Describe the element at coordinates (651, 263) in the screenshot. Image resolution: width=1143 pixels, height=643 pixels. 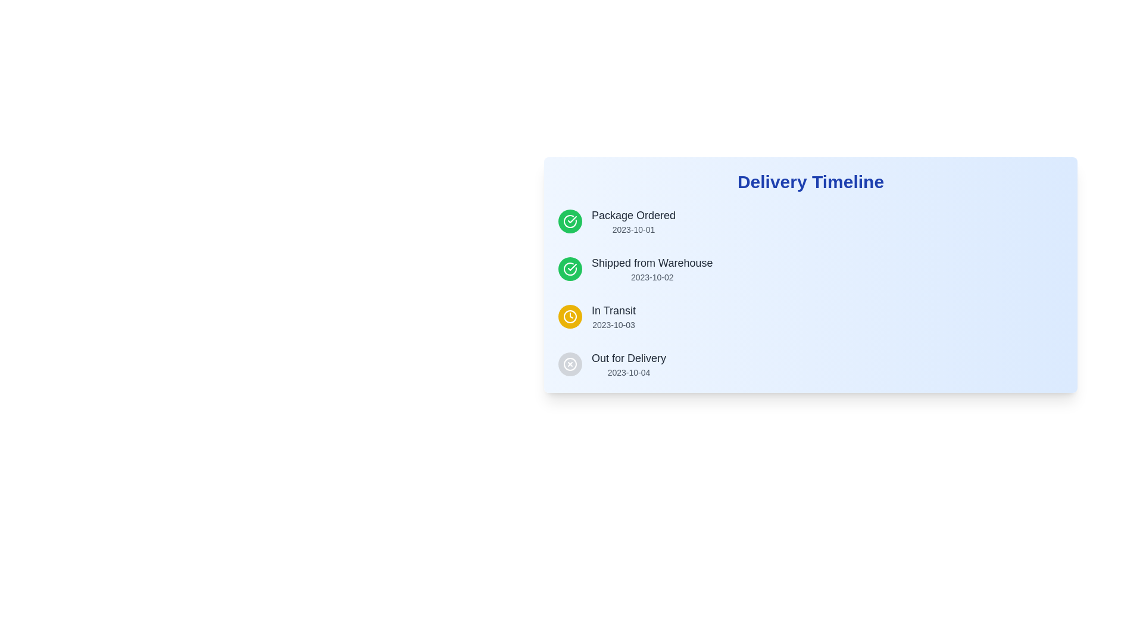
I see `the static text label displaying 'Shipped from Warehouse', which is positioned in the delivery timeline interface, located below the 'Package Ordered' stage and above the '2023-10-02' date text` at that location.